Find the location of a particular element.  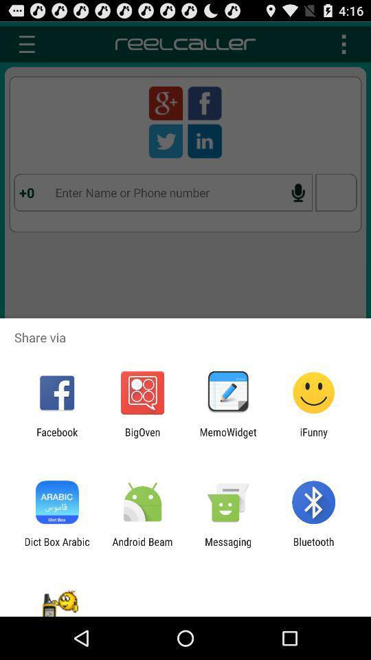

the facebook app is located at coordinates (56, 437).